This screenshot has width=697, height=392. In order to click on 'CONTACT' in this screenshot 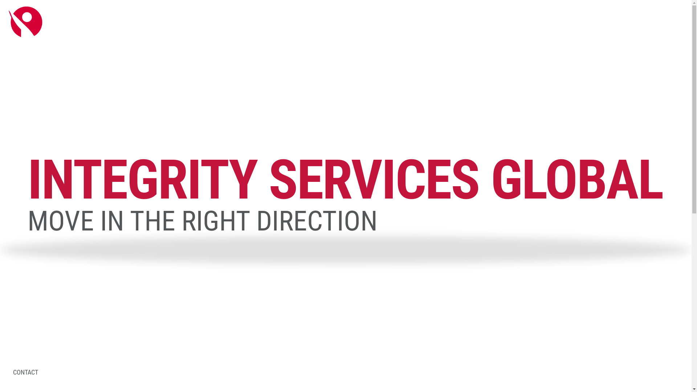, I will do `click(13, 372)`.